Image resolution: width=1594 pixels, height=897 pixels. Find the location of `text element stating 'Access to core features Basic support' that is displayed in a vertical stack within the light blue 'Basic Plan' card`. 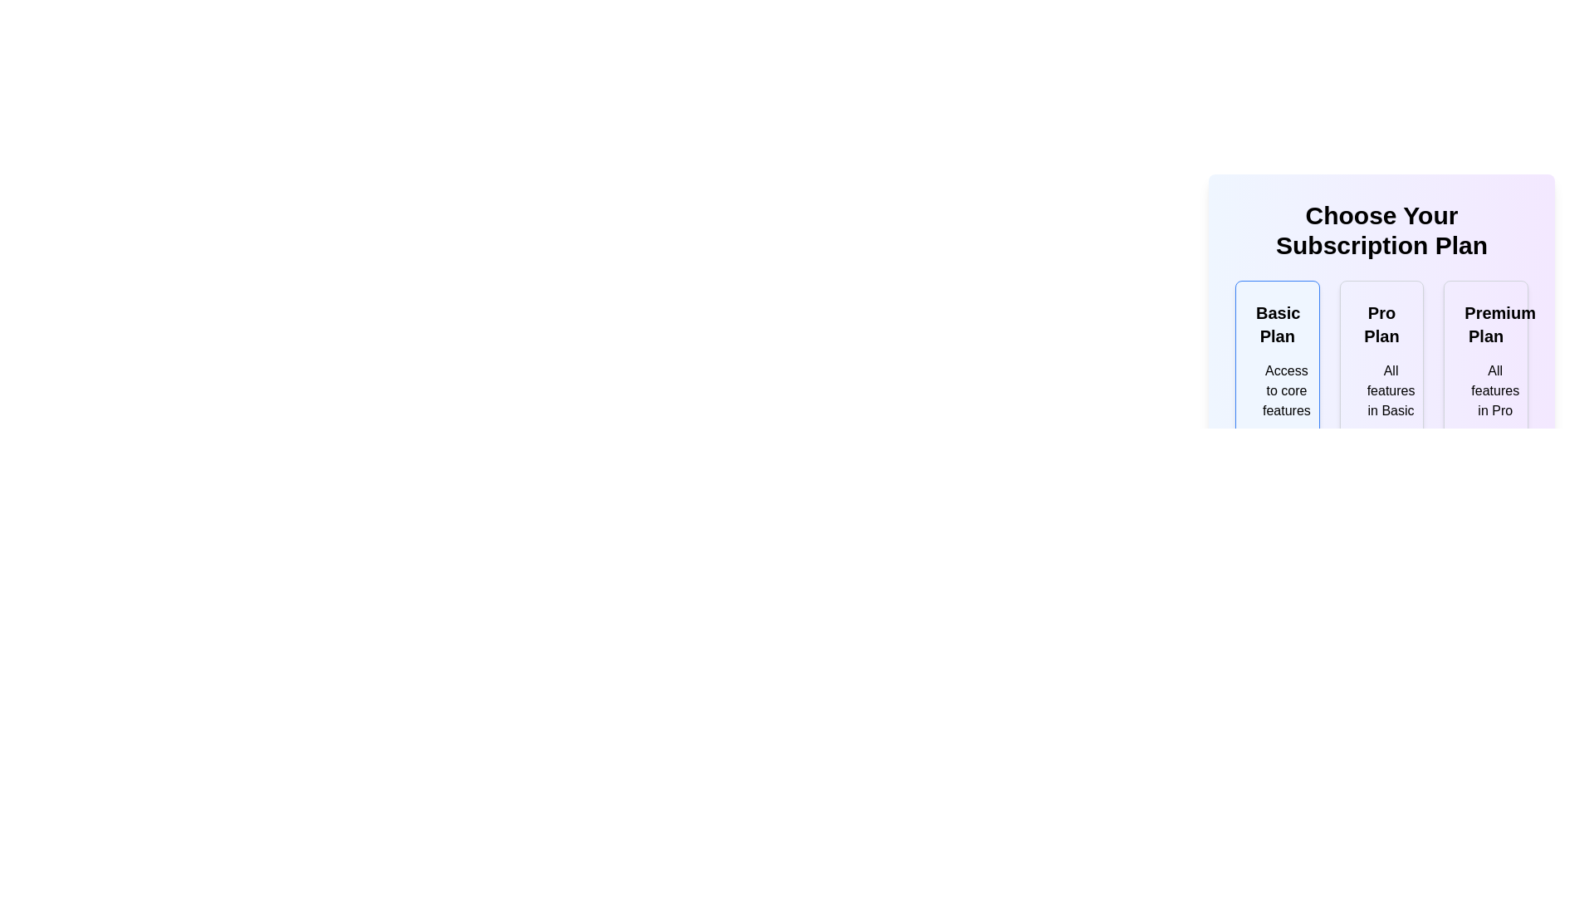

text element stating 'Access to core features Basic support' that is displayed in a vertical stack within the light blue 'Basic Plan' card is located at coordinates (1276, 413).